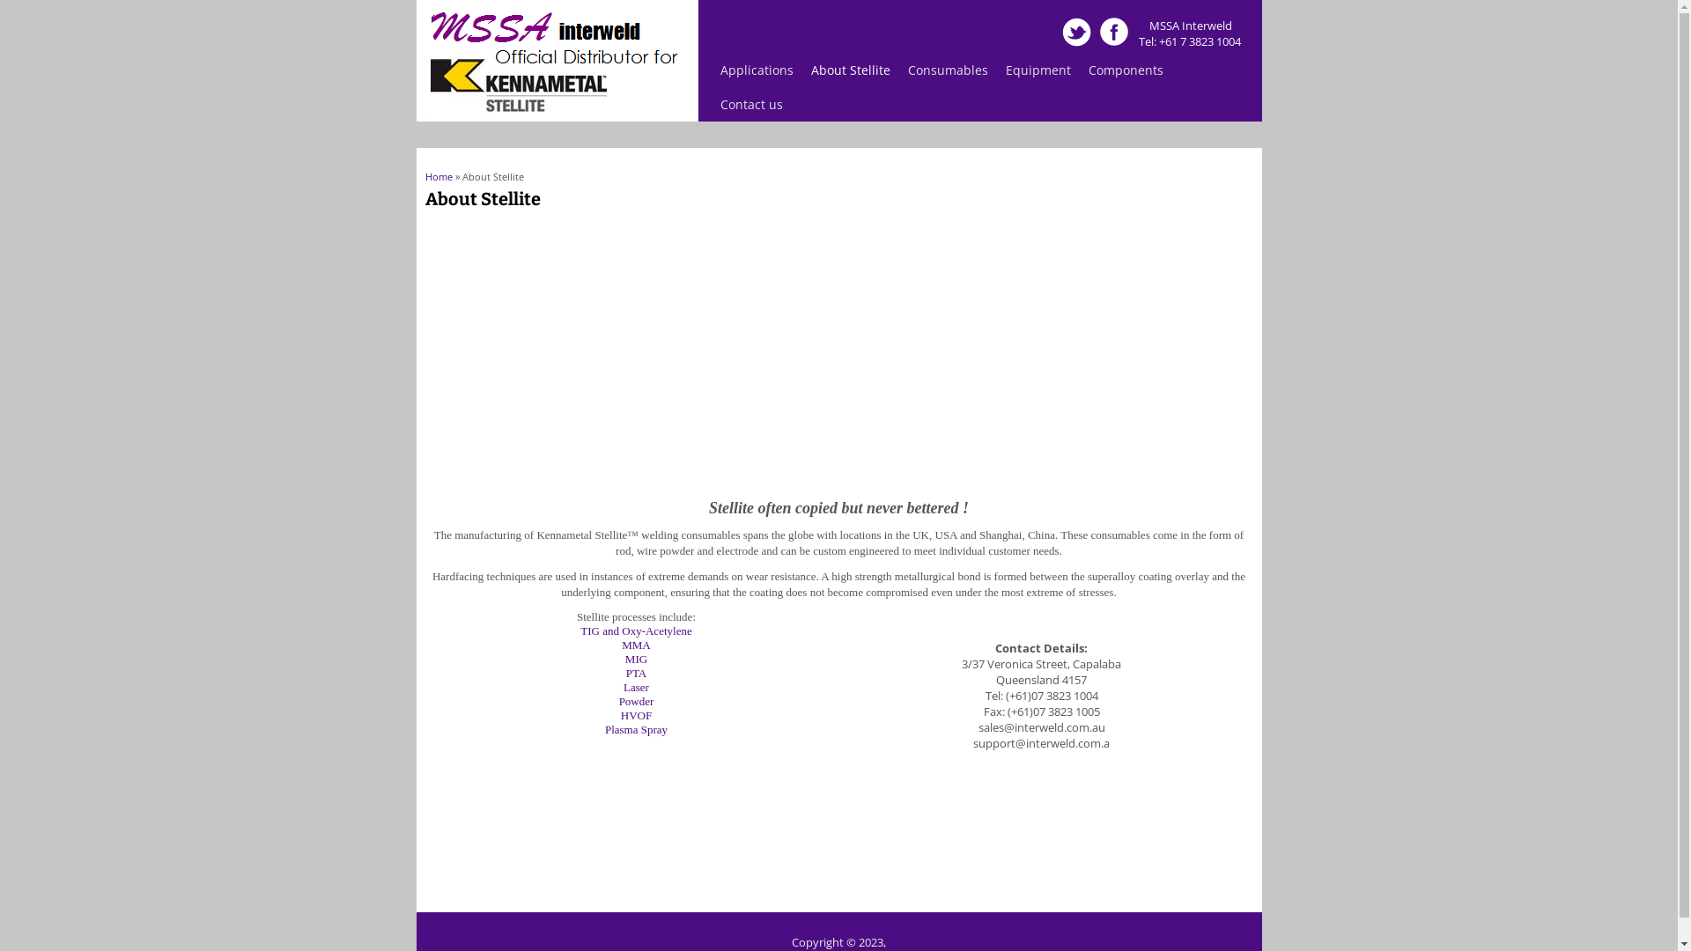  I want to click on 'Components', so click(1125, 69).